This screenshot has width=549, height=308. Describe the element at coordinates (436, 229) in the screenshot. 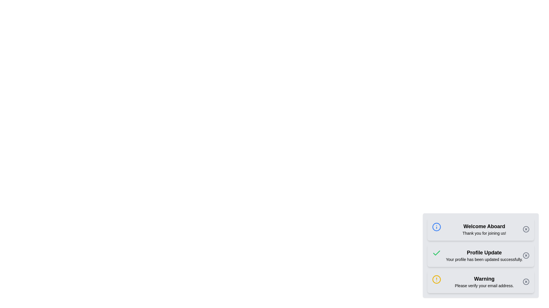

I see `the informational icon located at the top-left corner of the 'Welcome Aboard' notification card, which visually indicates the notification's context` at that location.